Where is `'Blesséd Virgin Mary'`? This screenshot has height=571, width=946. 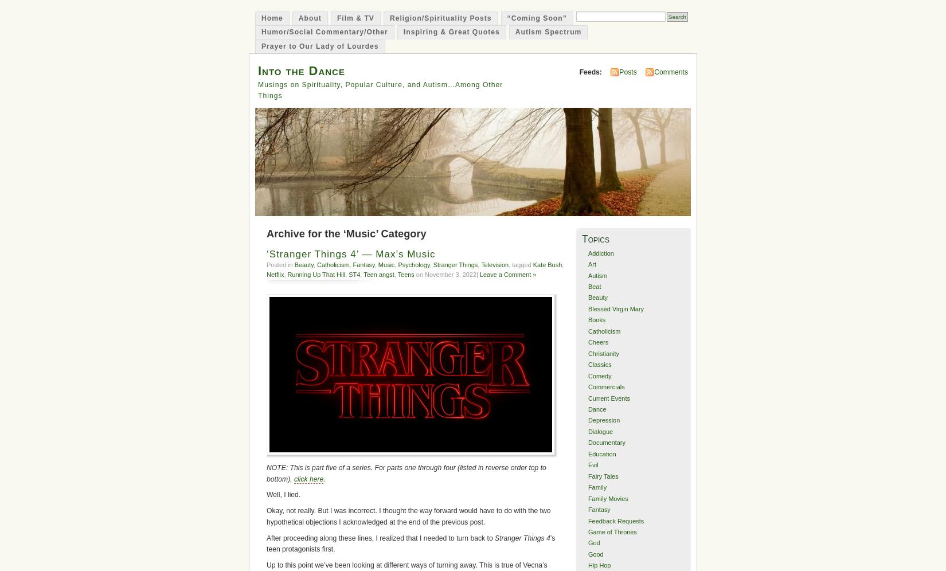 'Blesséd Virgin Mary' is located at coordinates (615, 308).